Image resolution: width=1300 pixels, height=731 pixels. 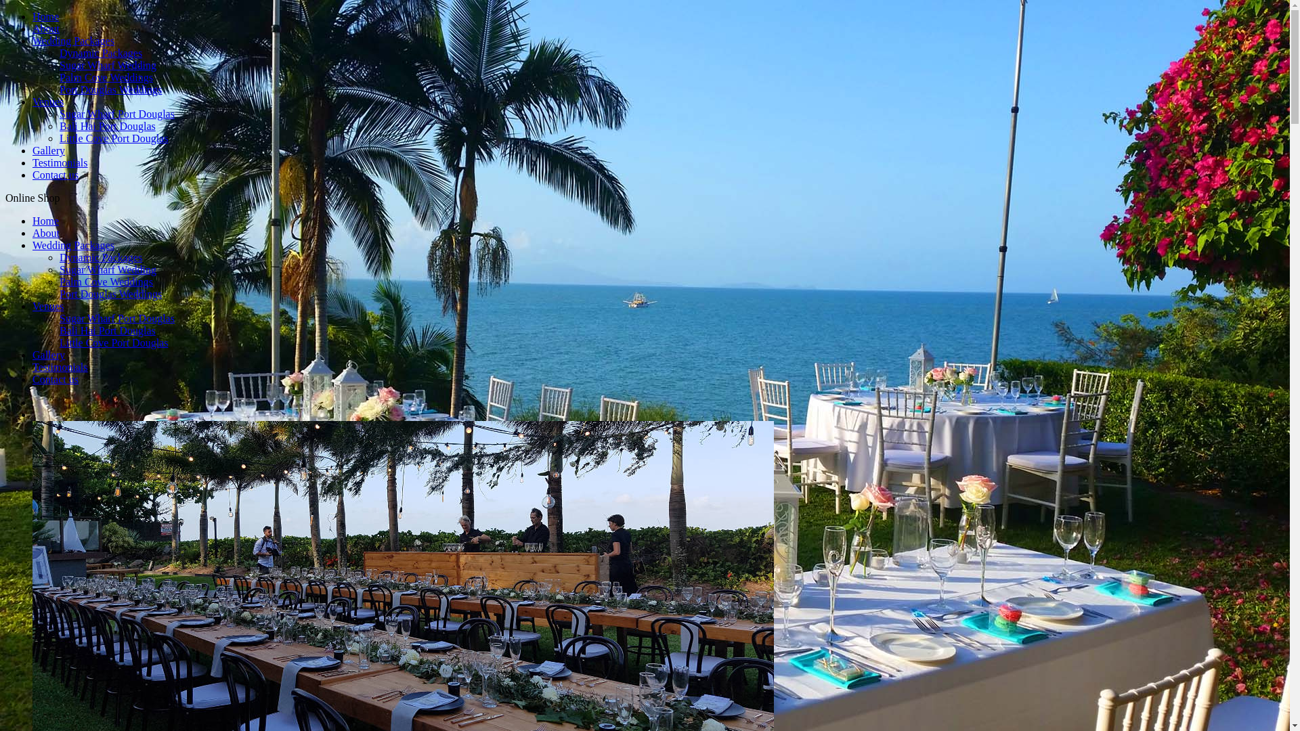 What do you see at coordinates (60, 162) in the screenshot?
I see `'Testimonials'` at bounding box center [60, 162].